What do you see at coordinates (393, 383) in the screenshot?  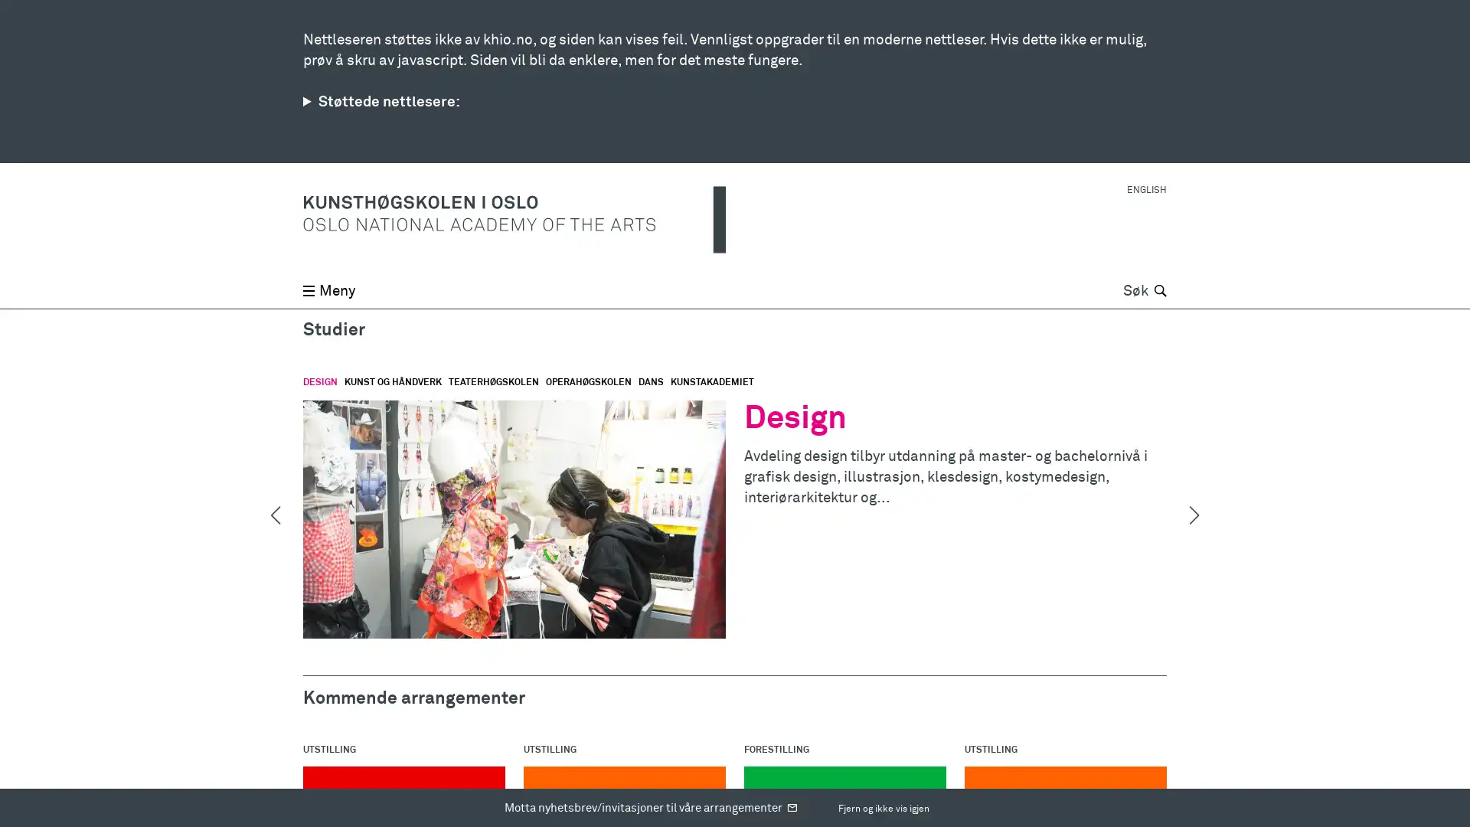 I see `KUNST OG HANDVERK` at bounding box center [393, 383].